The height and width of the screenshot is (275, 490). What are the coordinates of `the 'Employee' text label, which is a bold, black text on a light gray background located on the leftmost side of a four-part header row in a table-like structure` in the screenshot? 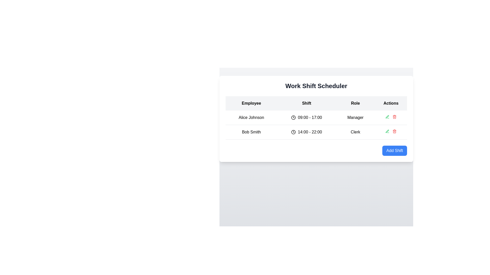 It's located at (251, 103).